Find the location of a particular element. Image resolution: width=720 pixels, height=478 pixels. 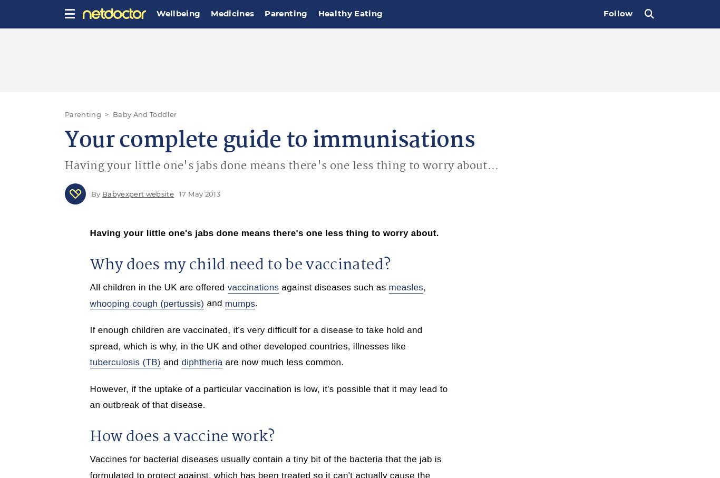

'vaccinations' is located at coordinates (253, 287).